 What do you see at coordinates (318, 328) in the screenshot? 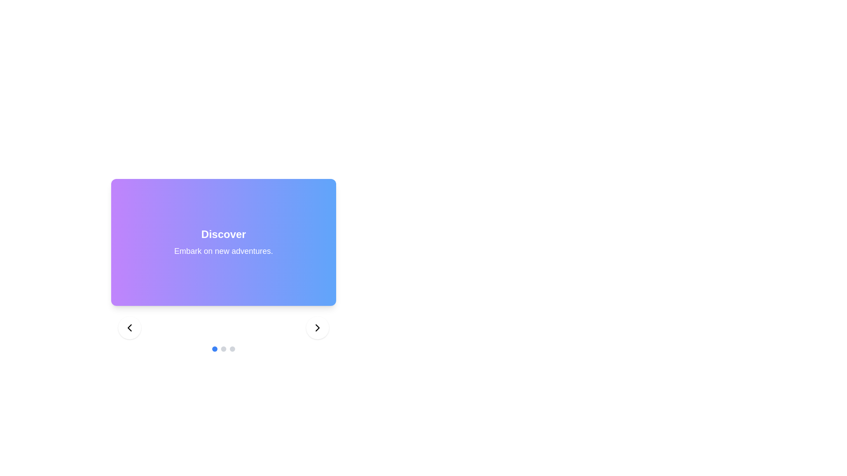
I see `the navigation button icon located at the bottom-right side of the 'Discover' UI card to trigger the hover effect` at bounding box center [318, 328].